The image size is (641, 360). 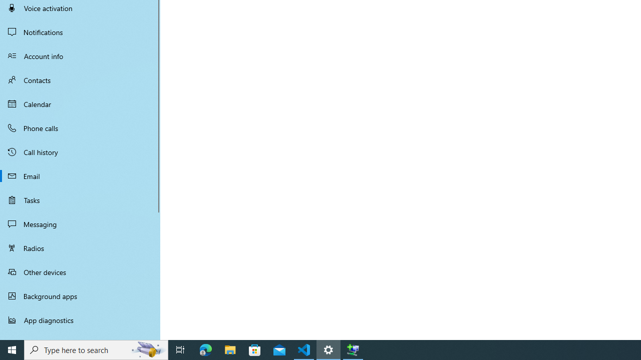 I want to click on 'Account info', so click(x=80, y=55).